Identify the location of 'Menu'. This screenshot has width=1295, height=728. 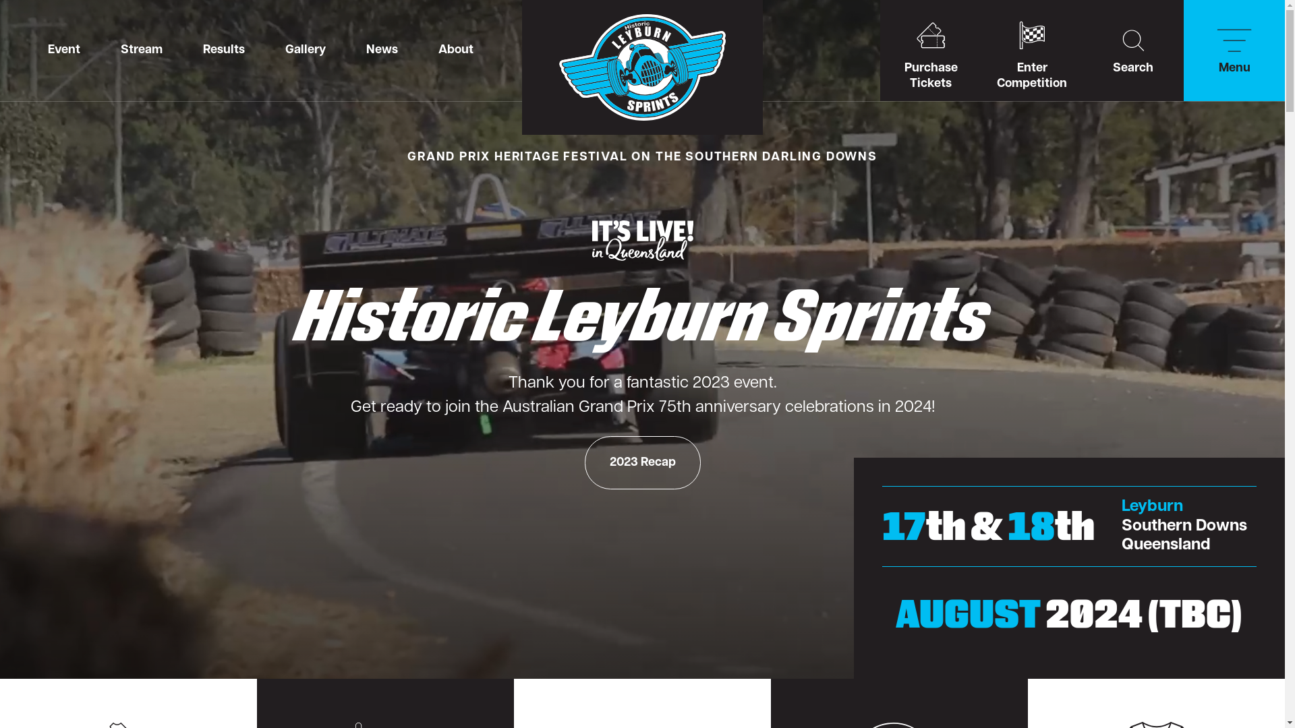
(1183, 49).